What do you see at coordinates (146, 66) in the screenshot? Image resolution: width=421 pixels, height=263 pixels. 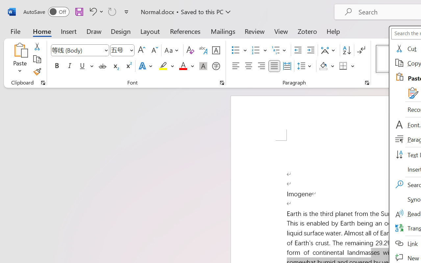 I see `'Text Effects and Typography'` at bounding box center [146, 66].